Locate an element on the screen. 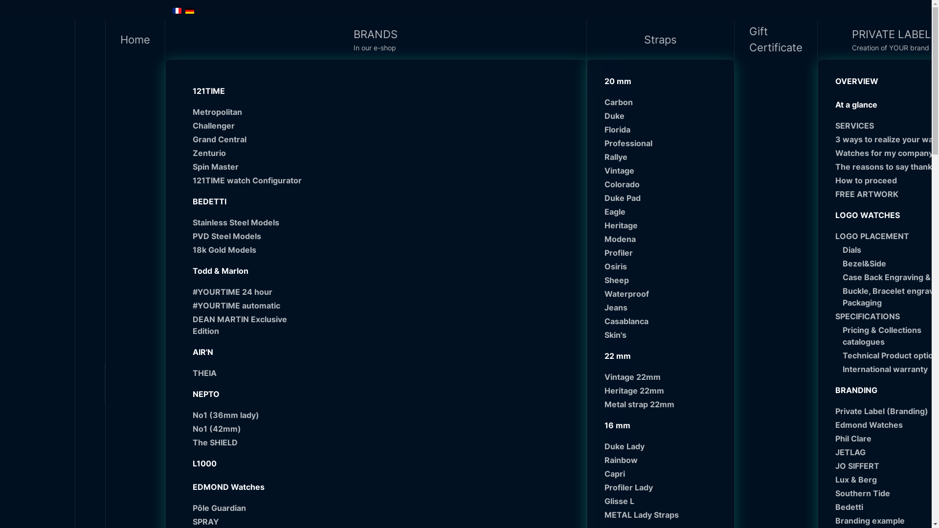 The height and width of the screenshot is (528, 939). 'Zenturio' is located at coordinates (247, 153).